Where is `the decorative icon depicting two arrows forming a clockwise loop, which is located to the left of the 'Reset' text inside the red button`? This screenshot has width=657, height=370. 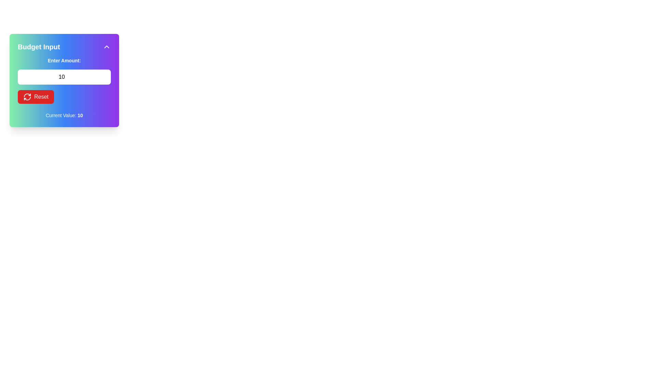 the decorative icon depicting two arrows forming a clockwise loop, which is located to the left of the 'Reset' text inside the red button is located at coordinates (27, 97).